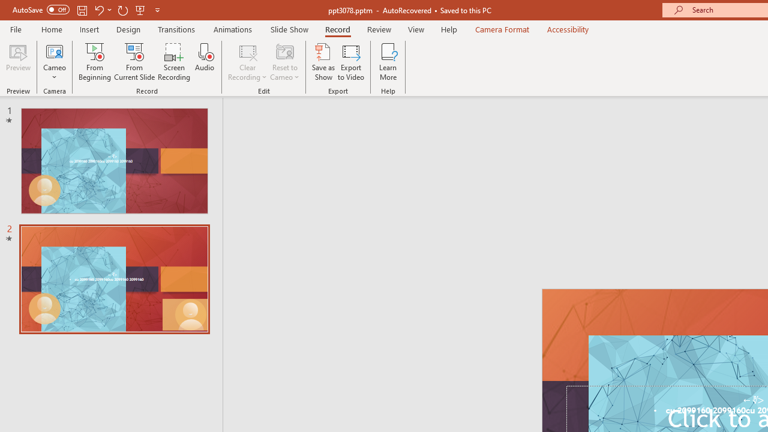 The width and height of the screenshot is (768, 432). I want to click on 'Save as Show', so click(323, 62).